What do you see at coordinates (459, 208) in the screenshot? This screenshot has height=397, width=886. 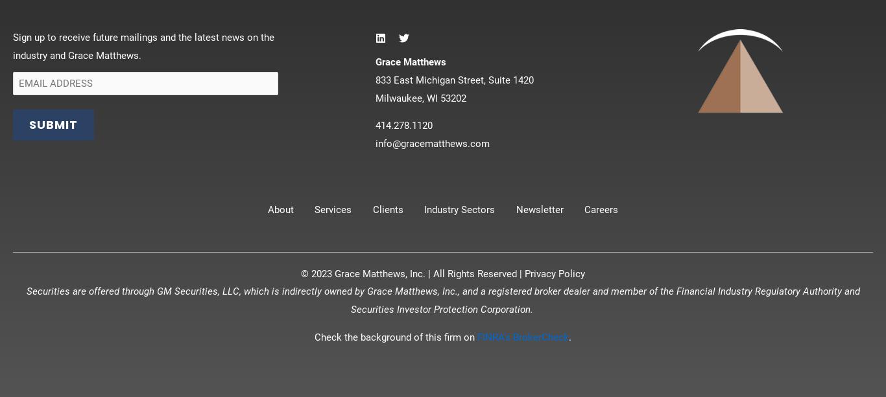 I see `'Industry Sectors'` at bounding box center [459, 208].